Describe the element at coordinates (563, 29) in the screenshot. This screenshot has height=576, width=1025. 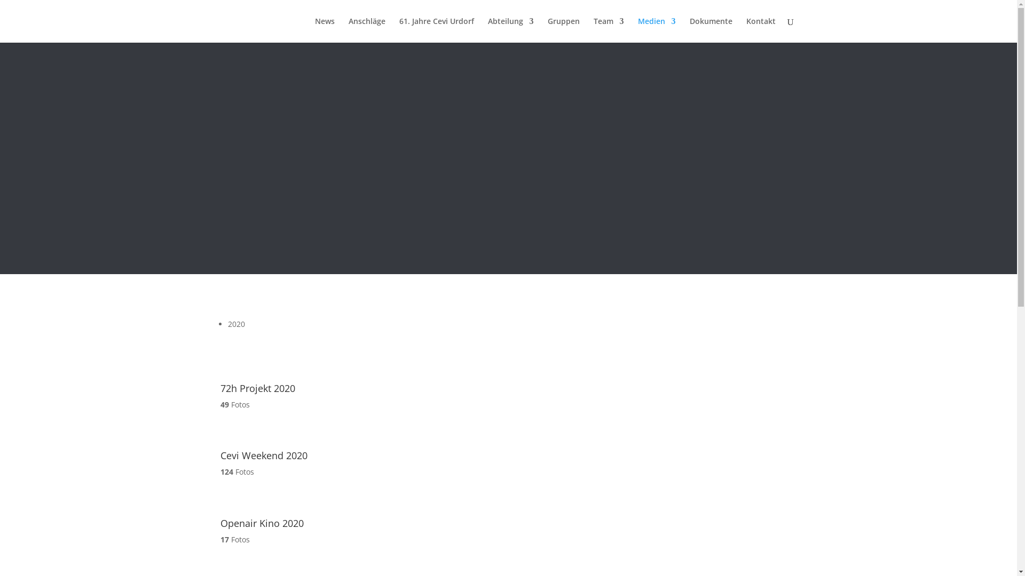
I see `'Gruppen'` at that location.